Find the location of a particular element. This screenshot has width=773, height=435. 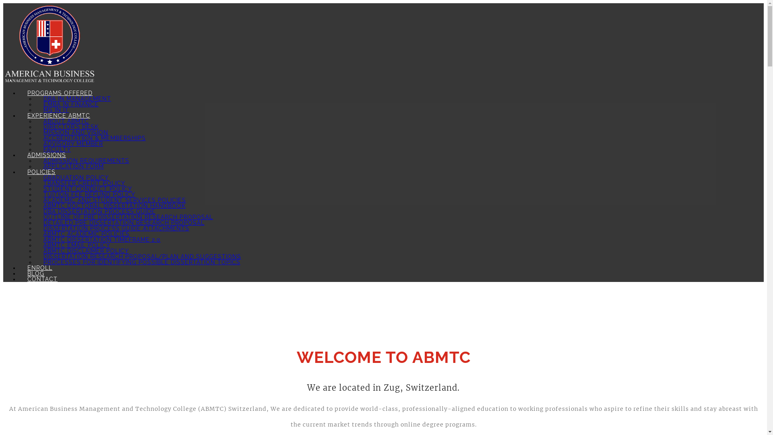

'ADVISORY MEMBER' is located at coordinates (73, 143).